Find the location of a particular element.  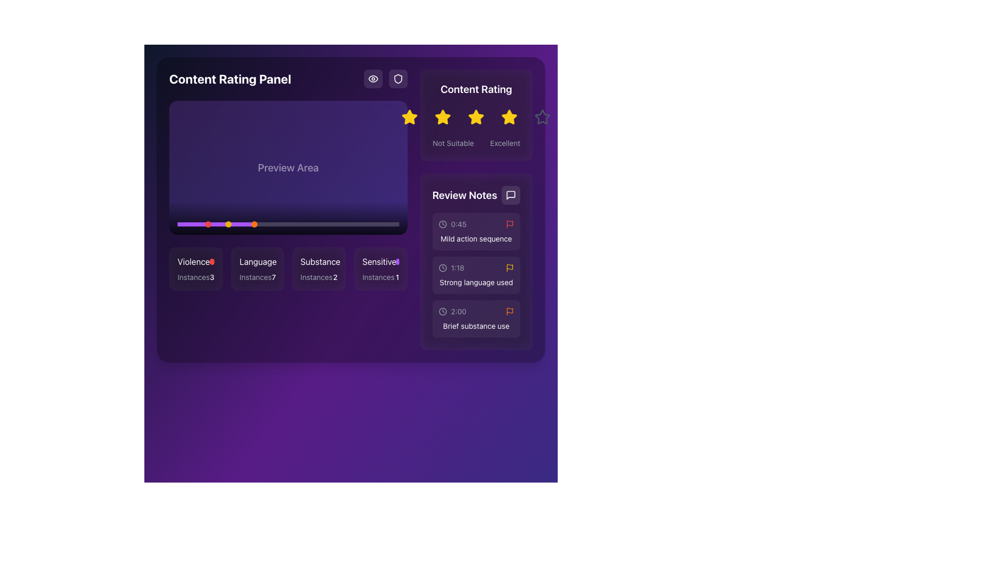

the decorative graphical element within the SVG icon located in the top-right corner of the interface, adjacent to the 'Content Rating Panel' title is located at coordinates (373, 78).